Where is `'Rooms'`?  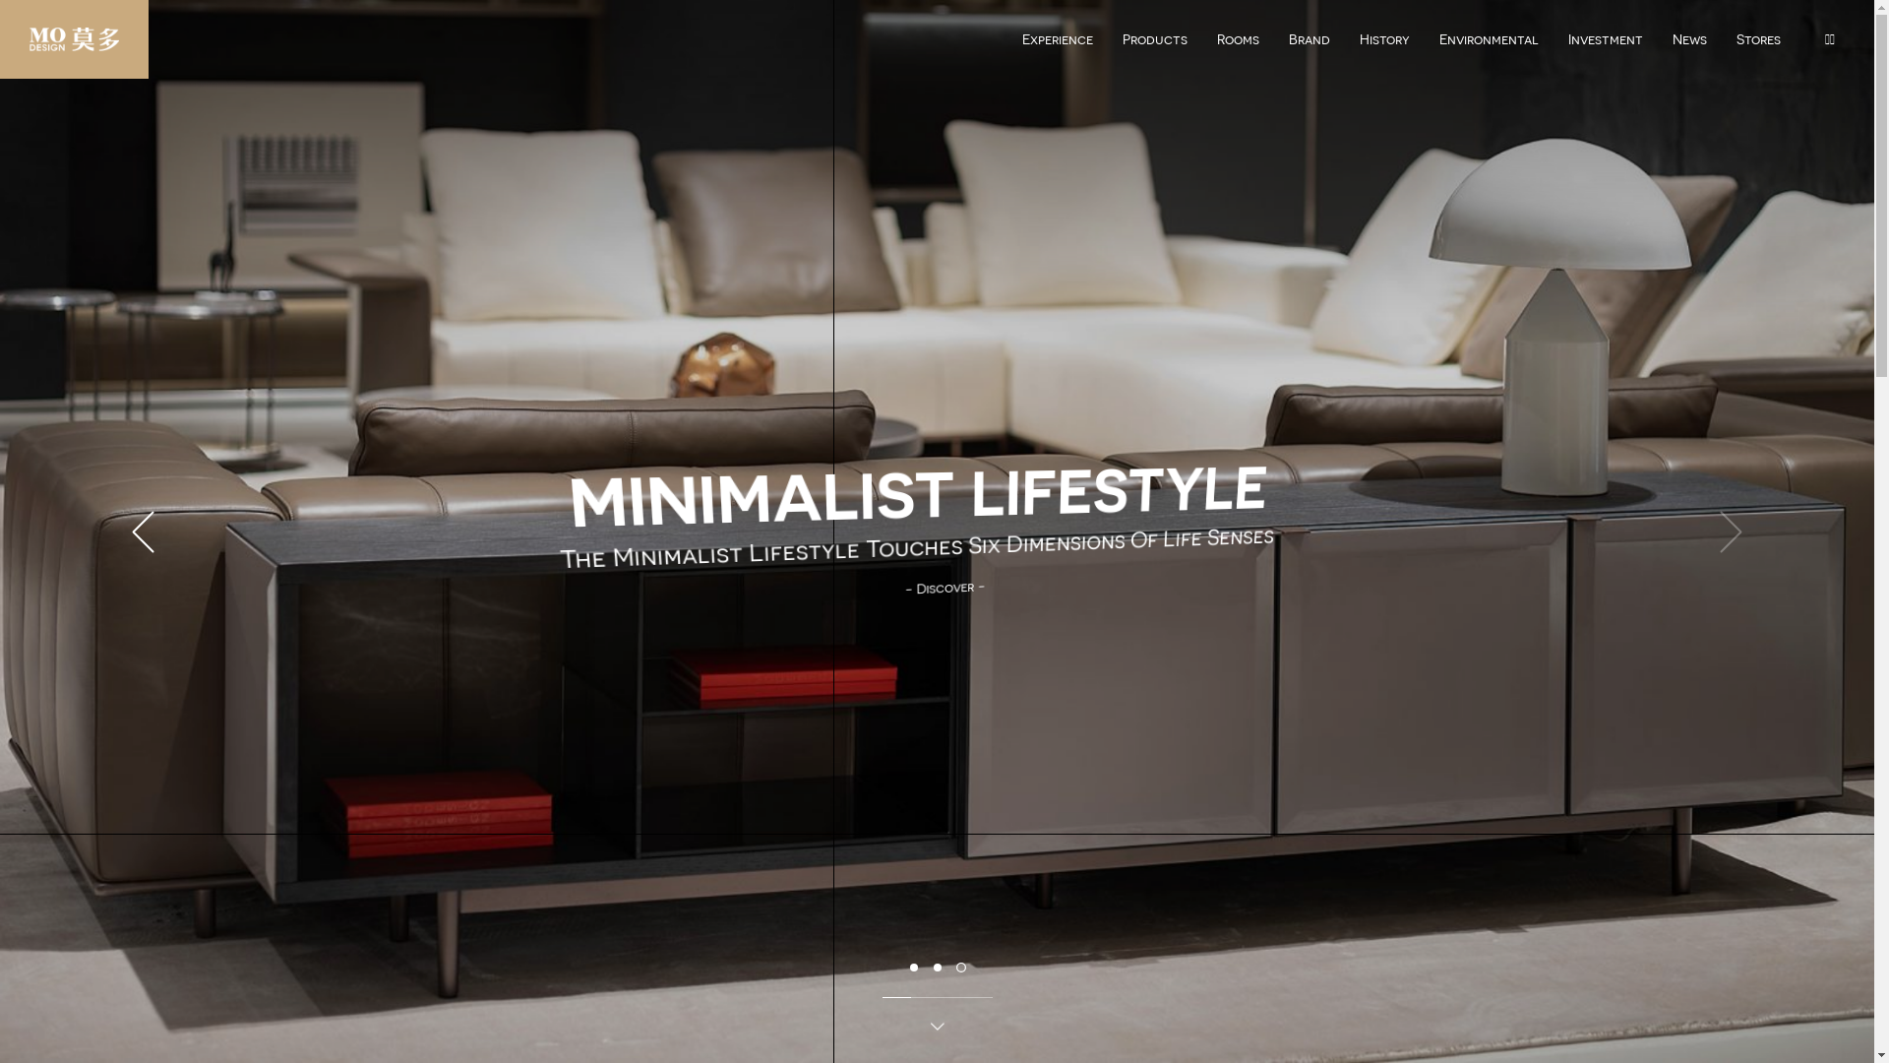
'Rooms' is located at coordinates (1237, 32).